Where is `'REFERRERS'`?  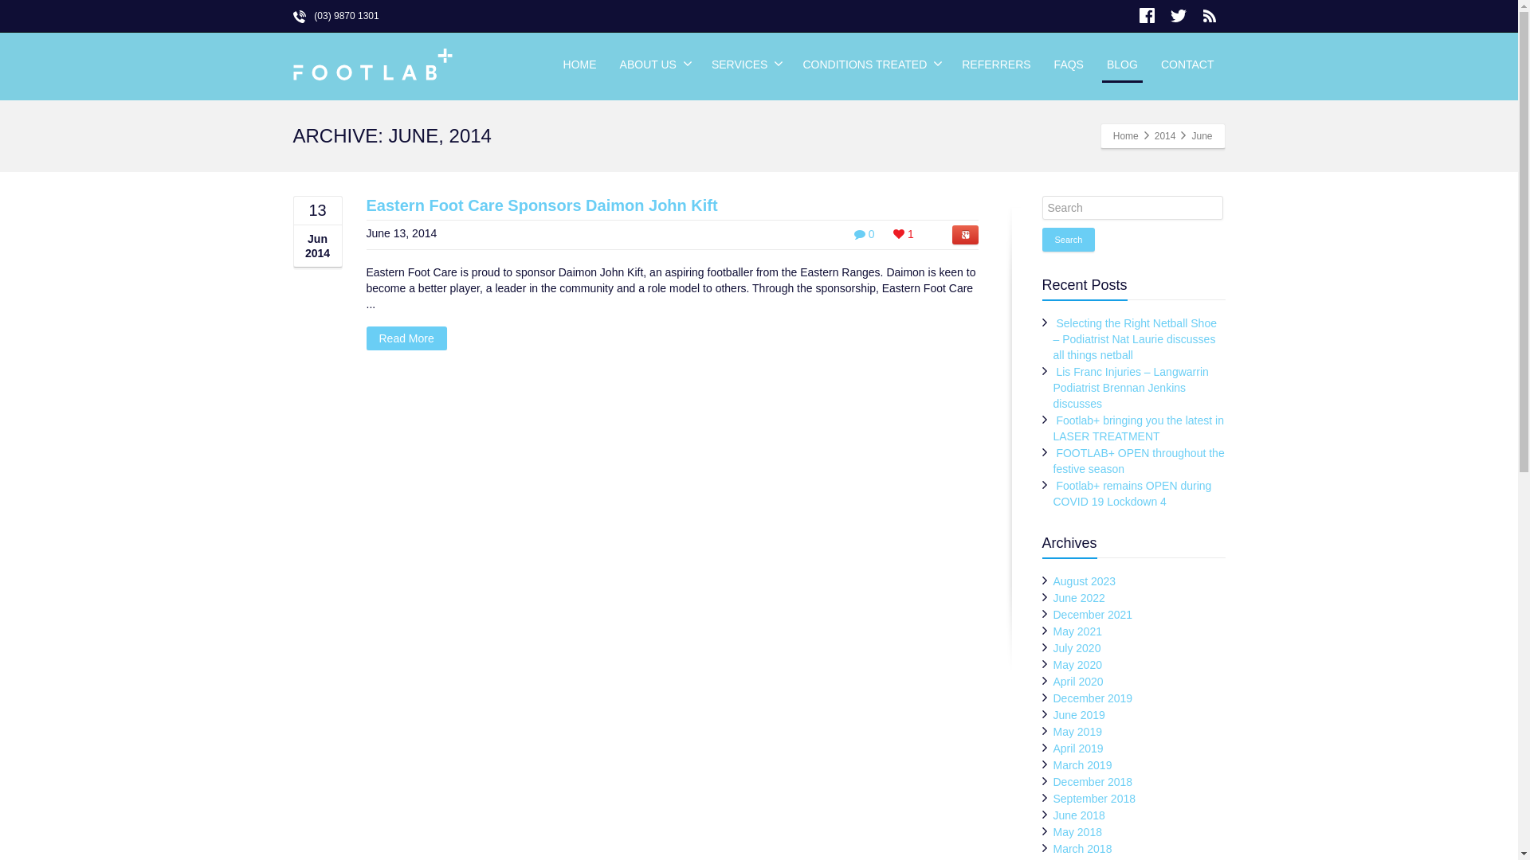 'REFERRERS' is located at coordinates (994, 64).